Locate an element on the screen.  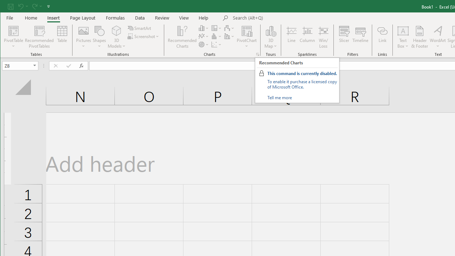
'SmartArt...' is located at coordinates (140, 28).